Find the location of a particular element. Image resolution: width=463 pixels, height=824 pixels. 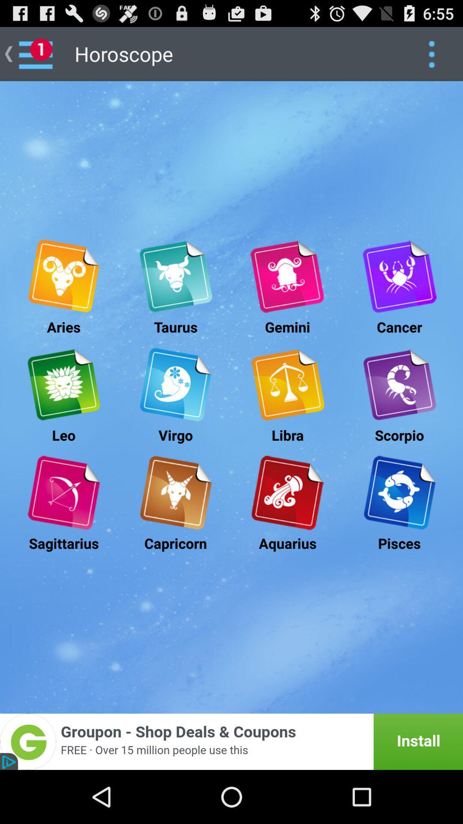

capricorn is located at coordinates (175, 493).